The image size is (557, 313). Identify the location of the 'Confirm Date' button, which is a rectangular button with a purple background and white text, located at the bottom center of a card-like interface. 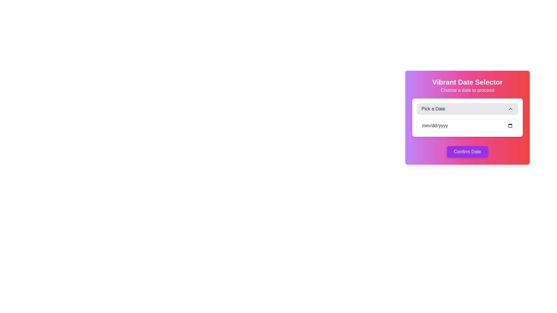
(467, 152).